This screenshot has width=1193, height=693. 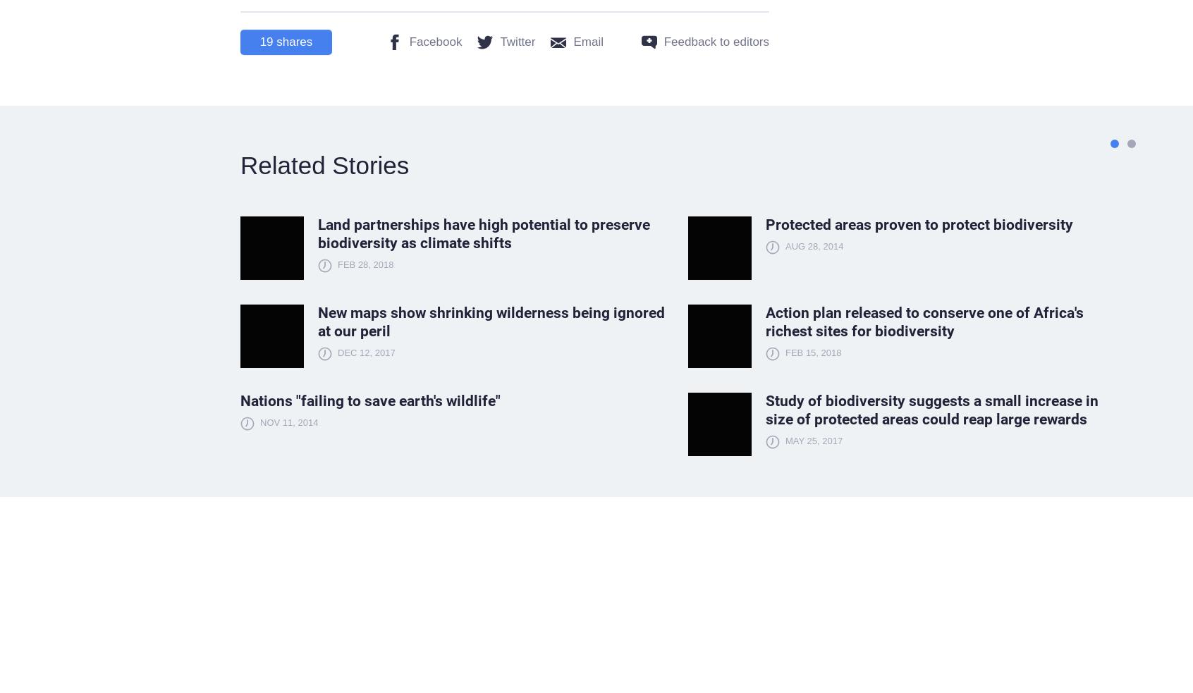 I want to click on 'Related Stories', so click(x=324, y=164).